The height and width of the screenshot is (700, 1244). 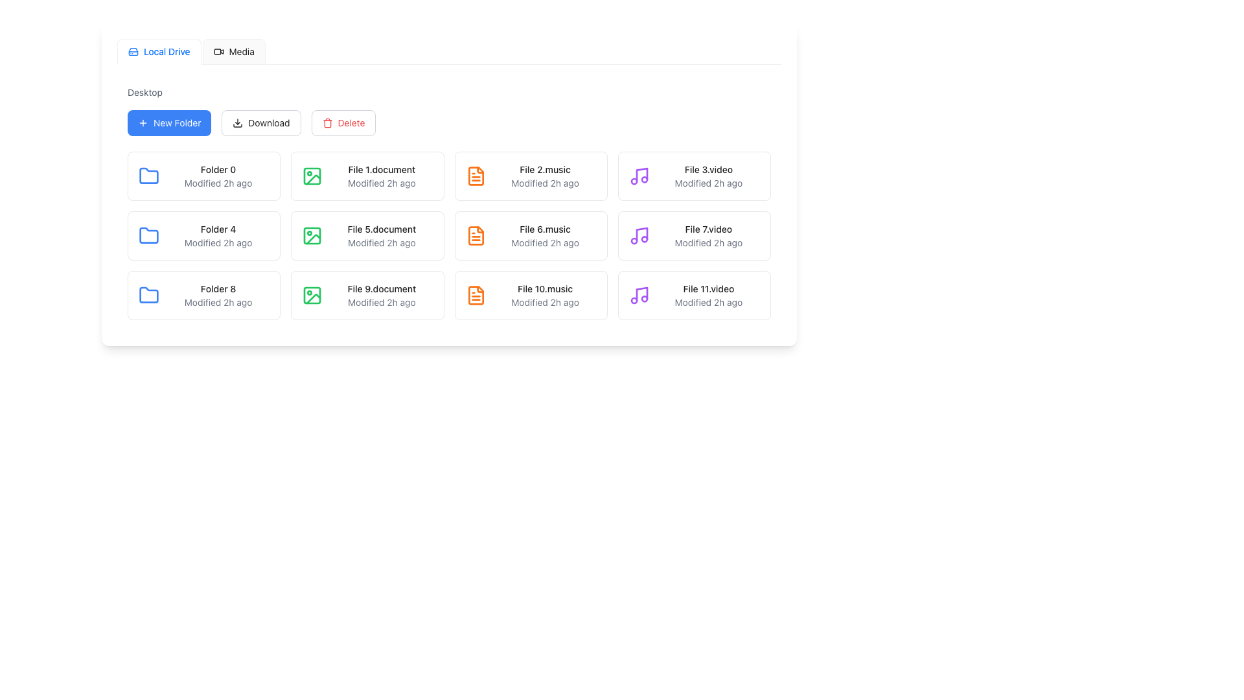 I want to click on keyboard navigation, so click(x=234, y=51).